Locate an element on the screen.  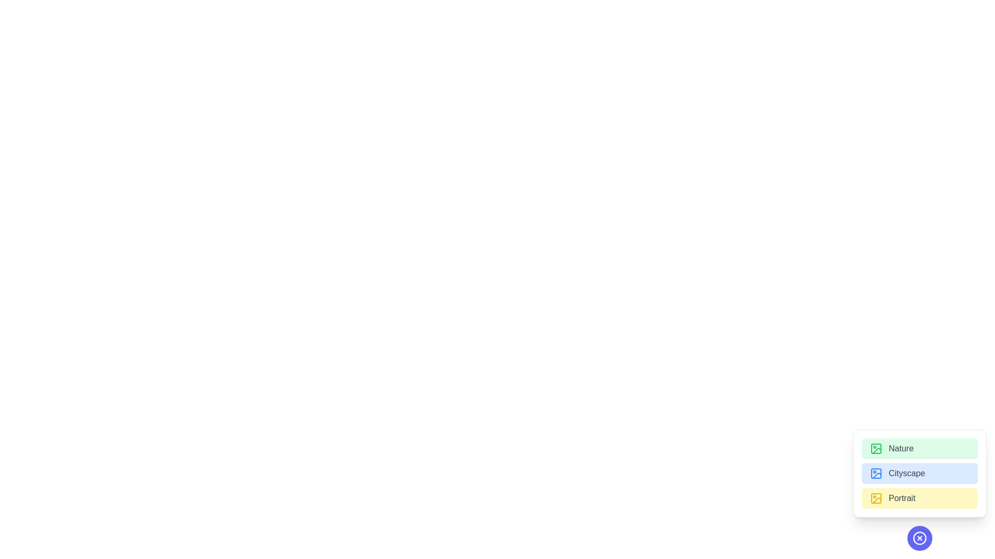
the Portrait button to select it is located at coordinates (920, 498).